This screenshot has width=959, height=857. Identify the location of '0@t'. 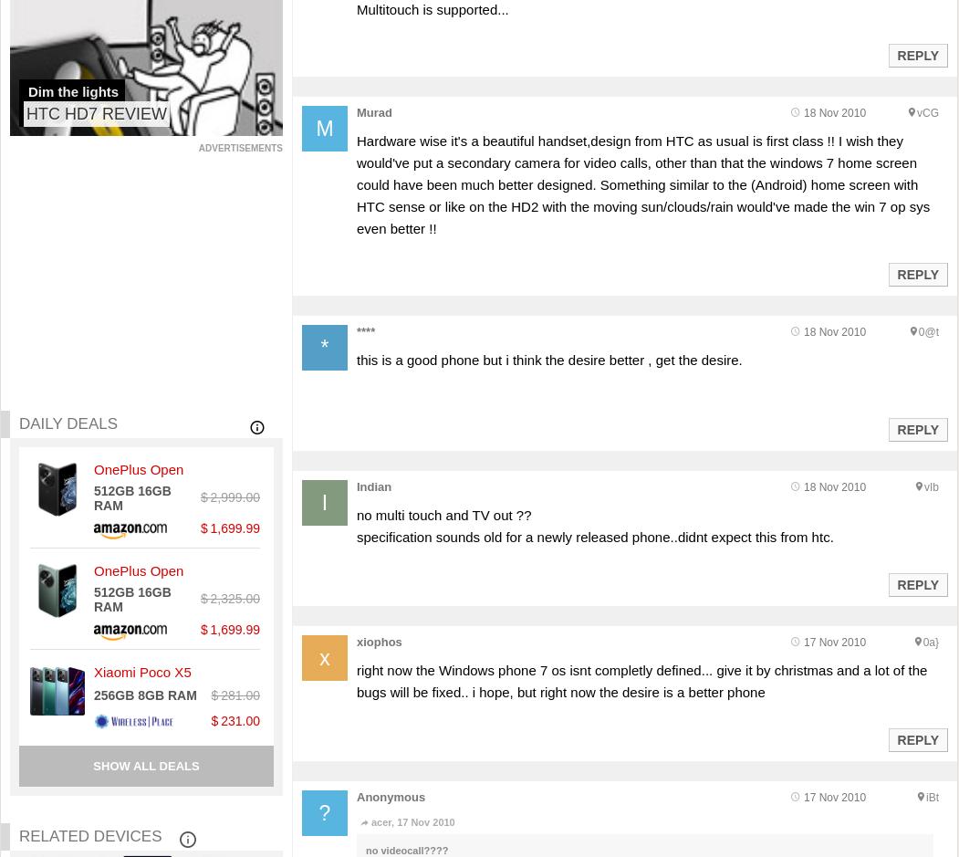
(927, 331).